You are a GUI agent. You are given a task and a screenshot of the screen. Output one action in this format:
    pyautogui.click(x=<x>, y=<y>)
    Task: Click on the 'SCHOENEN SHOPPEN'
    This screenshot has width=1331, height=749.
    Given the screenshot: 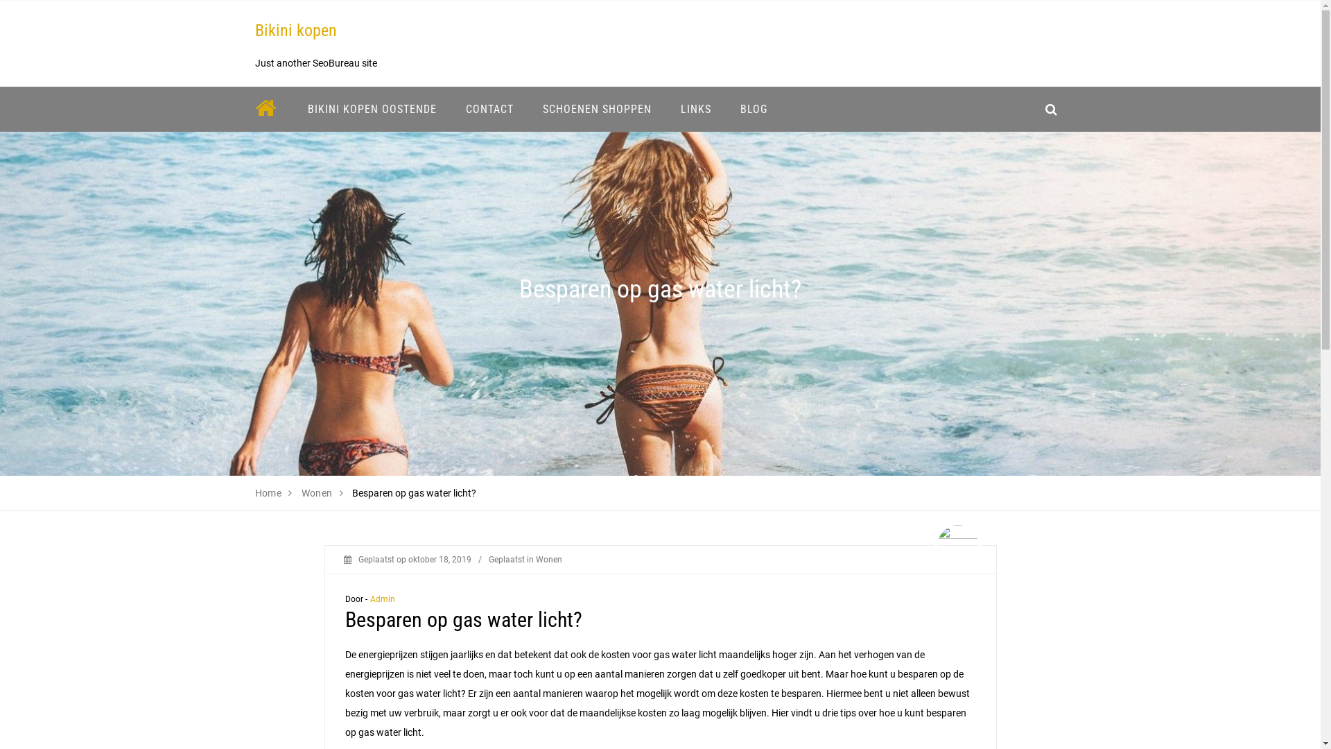 What is the action you would take?
    pyautogui.click(x=597, y=108)
    